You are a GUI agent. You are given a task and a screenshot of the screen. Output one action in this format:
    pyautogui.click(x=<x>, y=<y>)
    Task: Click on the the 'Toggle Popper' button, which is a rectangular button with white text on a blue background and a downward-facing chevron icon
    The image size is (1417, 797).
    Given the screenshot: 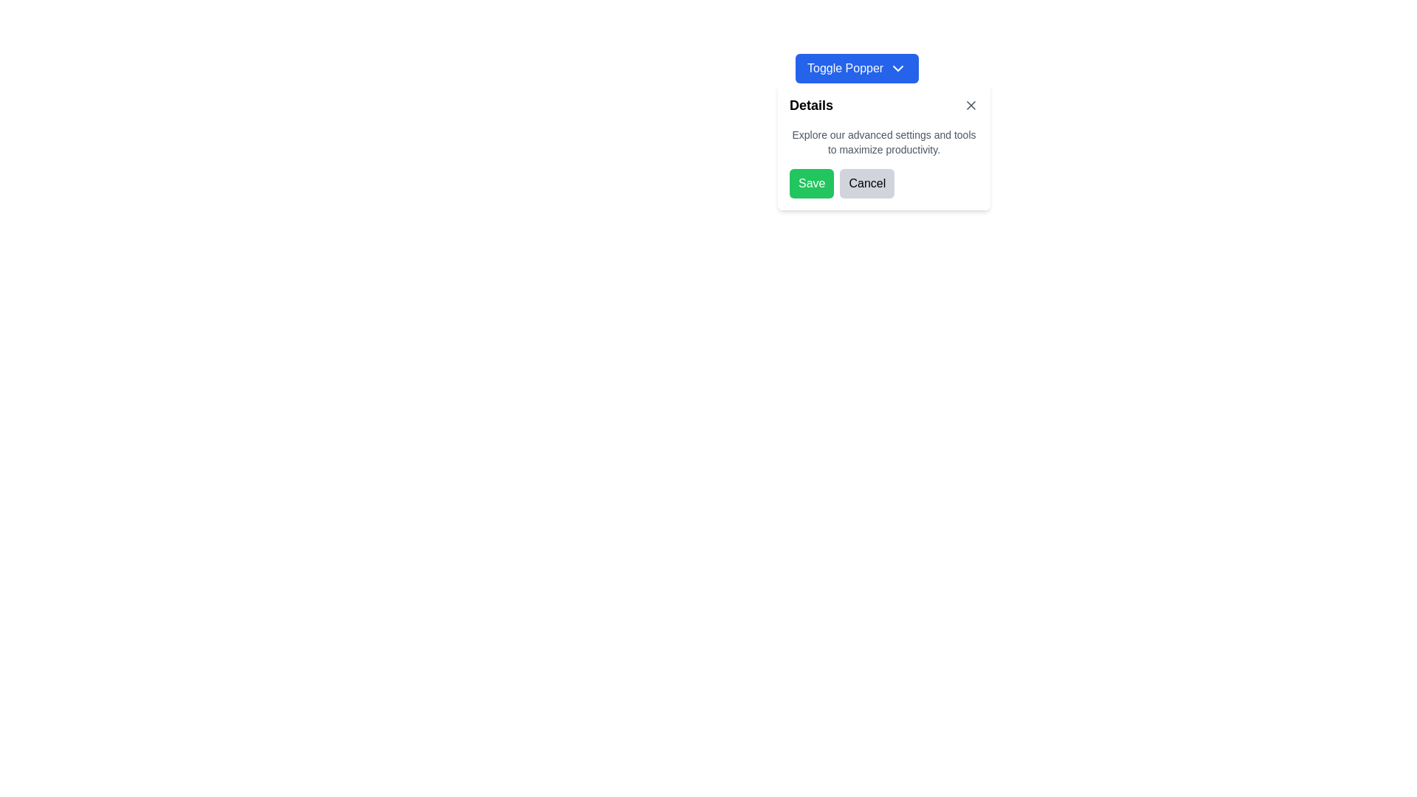 What is the action you would take?
    pyautogui.click(x=857, y=68)
    